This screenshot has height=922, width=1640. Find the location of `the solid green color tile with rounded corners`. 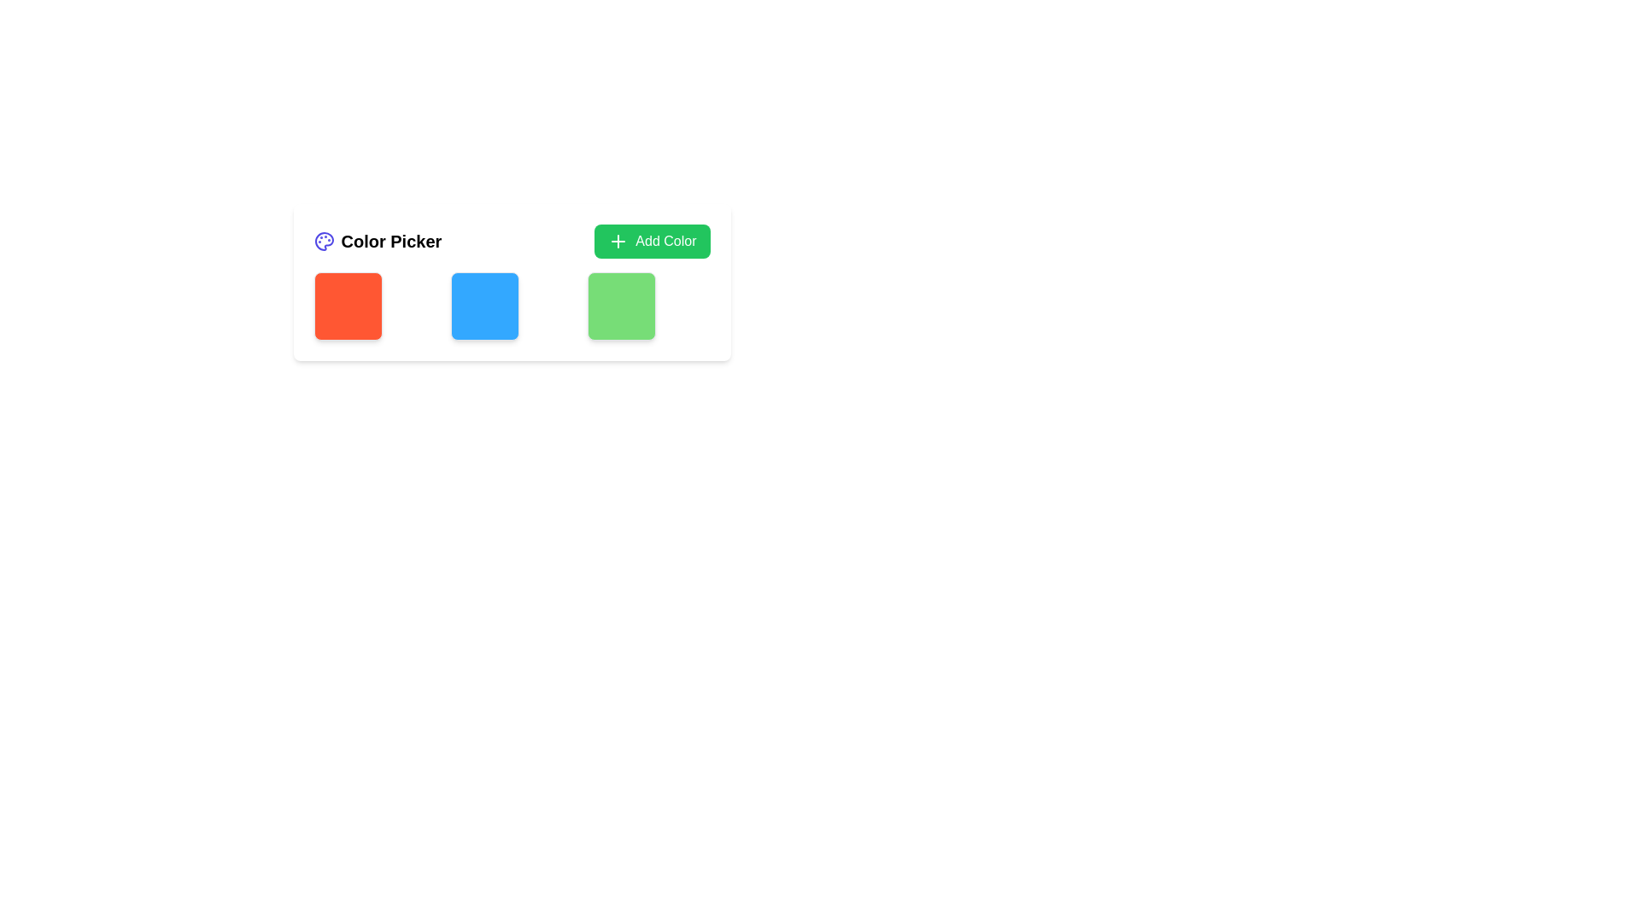

the solid green color tile with rounded corners is located at coordinates (620, 305).